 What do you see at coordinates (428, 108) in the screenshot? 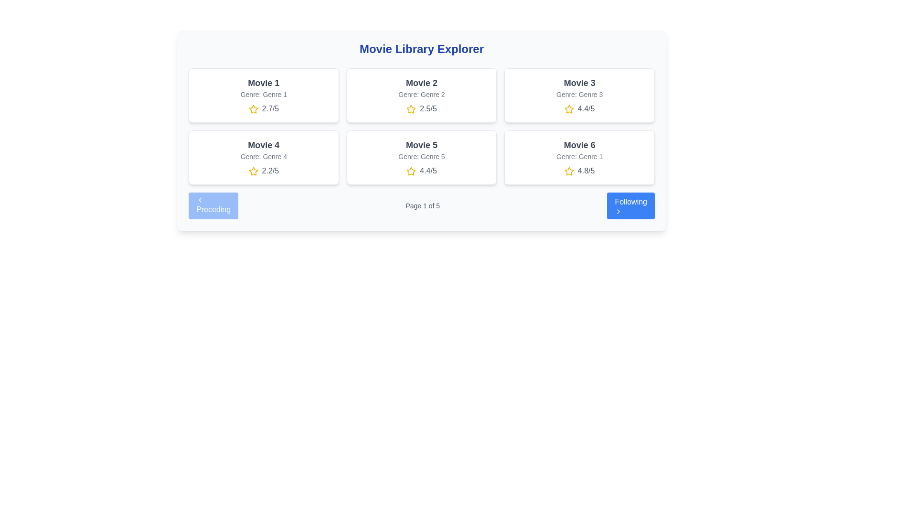
I see `static text element displaying the rating '2.5/5' located in the bottom section of the 'Movie 2' card, positioned to the right of a yellow star icon` at bounding box center [428, 108].